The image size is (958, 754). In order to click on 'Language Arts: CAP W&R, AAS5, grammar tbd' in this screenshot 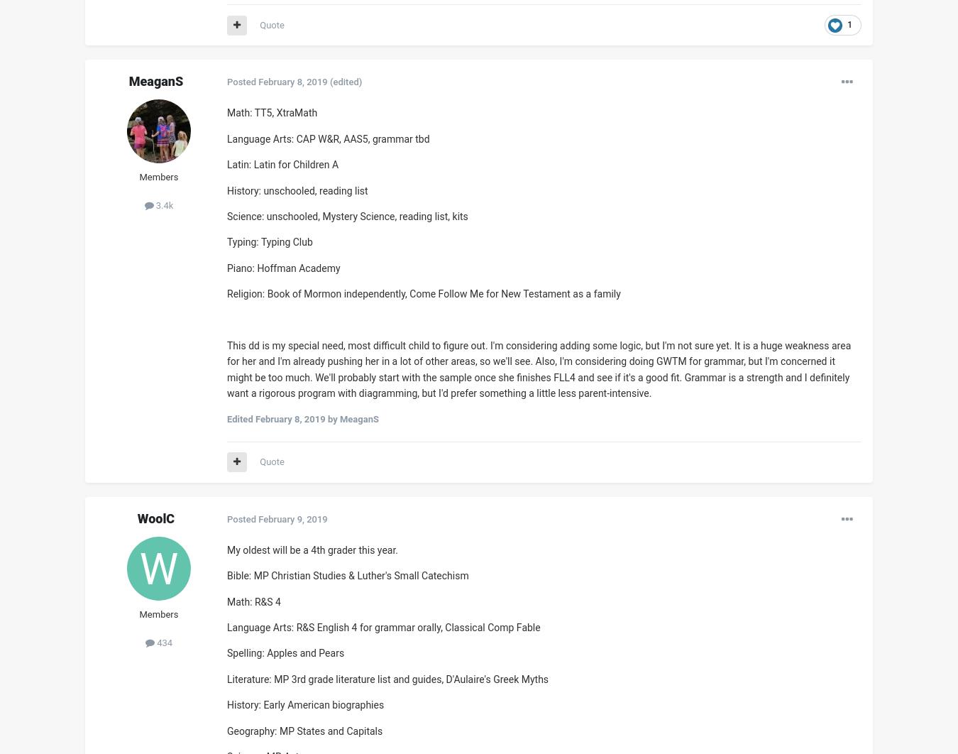, I will do `click(327, 138)`.